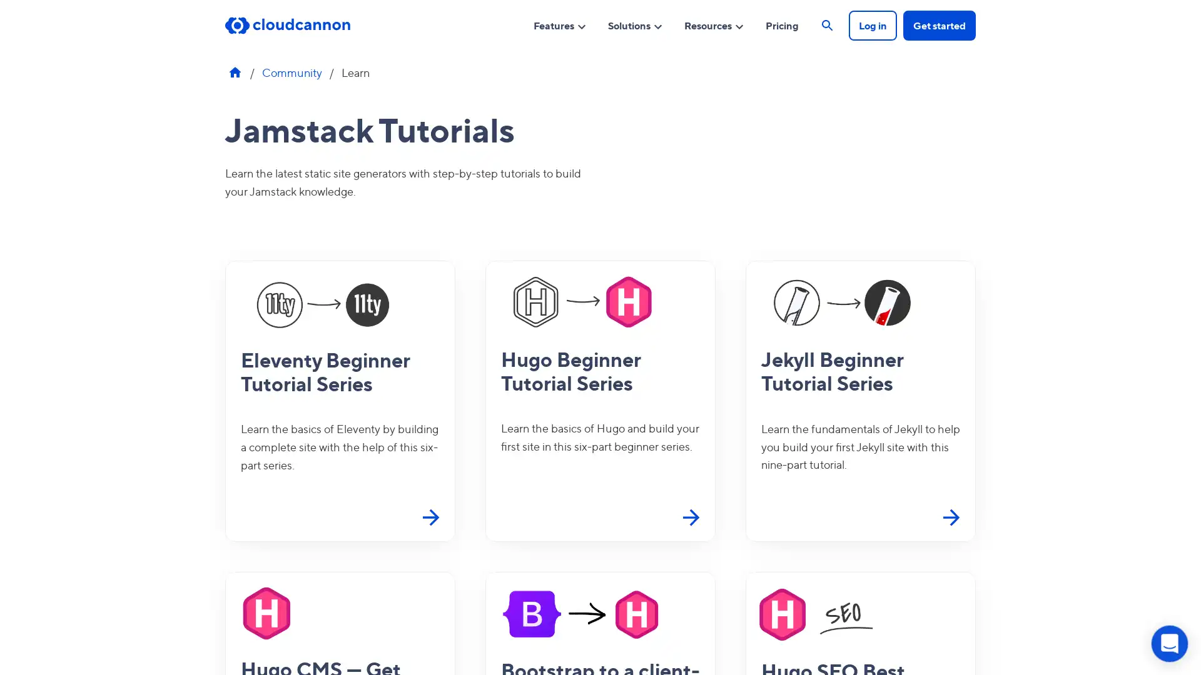 The width and height of the screenshot is (1201, 675). What do you see at coordinates (636, 24) in the screenshot?
I see `Solutions` at bounding box center [636, 24].